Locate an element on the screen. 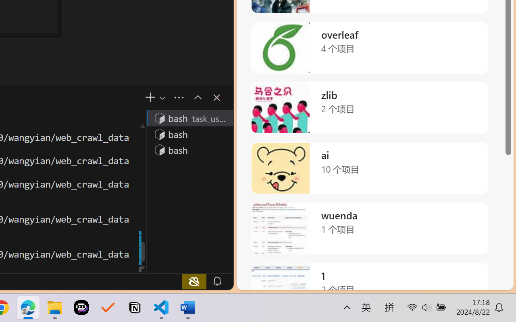  'Maximize Panel Size' is located at coordinates (197, 97).